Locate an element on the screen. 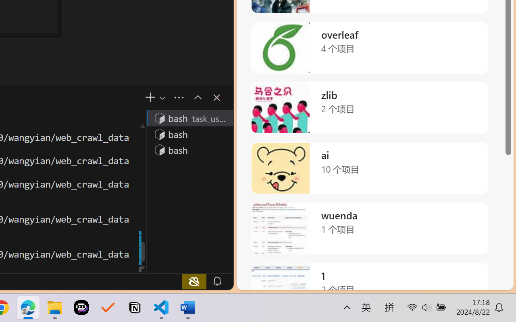  'Maximize Panel Size' is located at coordinates (197, 97).